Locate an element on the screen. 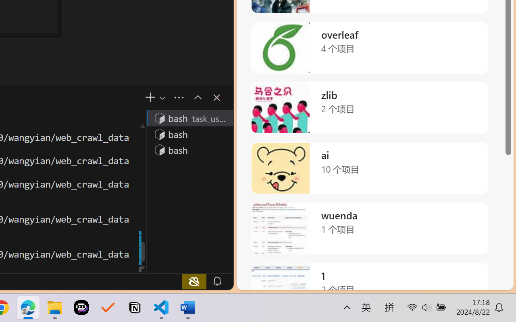  'Maximize Panel Size' is located at coordinates (197, 97).